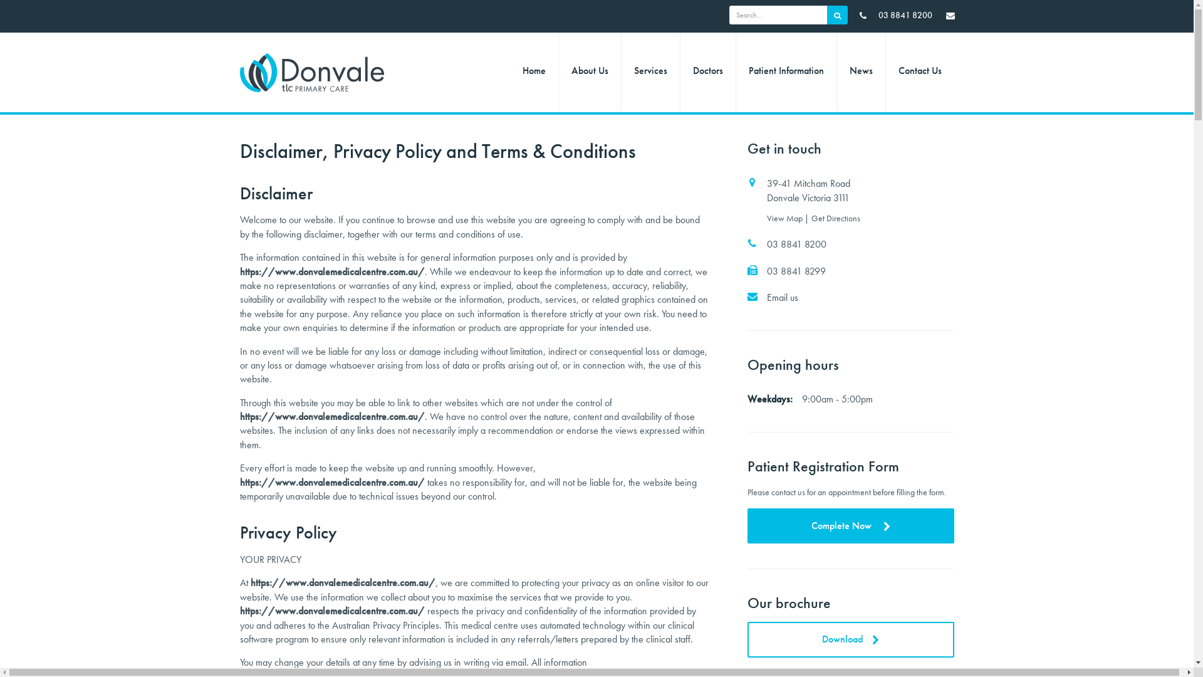  Describe the element at coordinates (650, 72) in the screenshot. I see `'Services'` at that location.